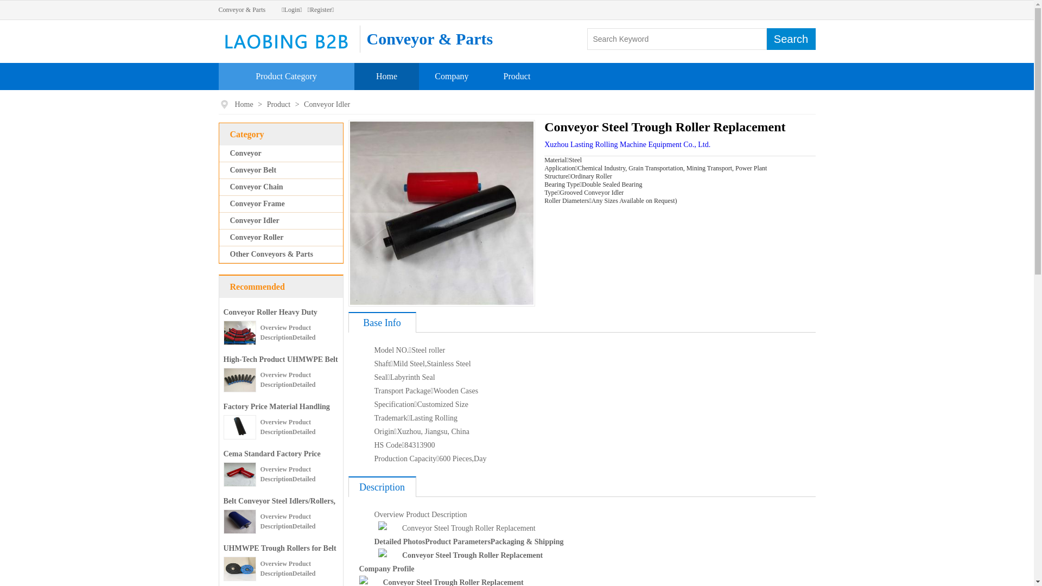 This screenshot has height=586, width=1042. Describe the element at coordinates (791, 39) in the screenshot. I see `'Search'` at that location.